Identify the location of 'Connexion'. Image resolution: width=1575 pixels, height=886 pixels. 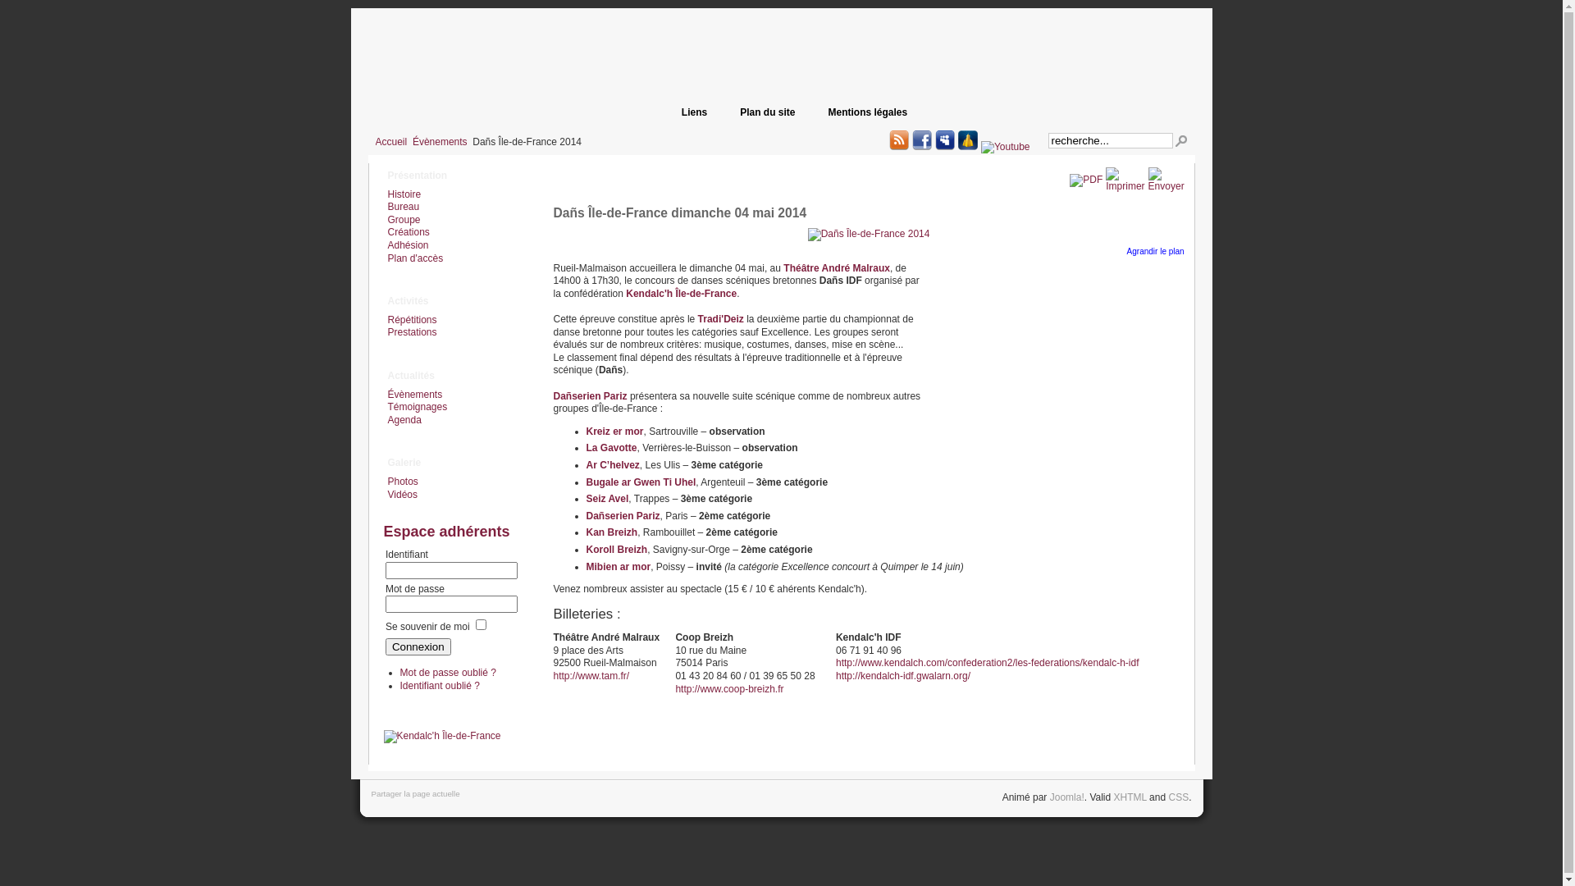
(385, 646).